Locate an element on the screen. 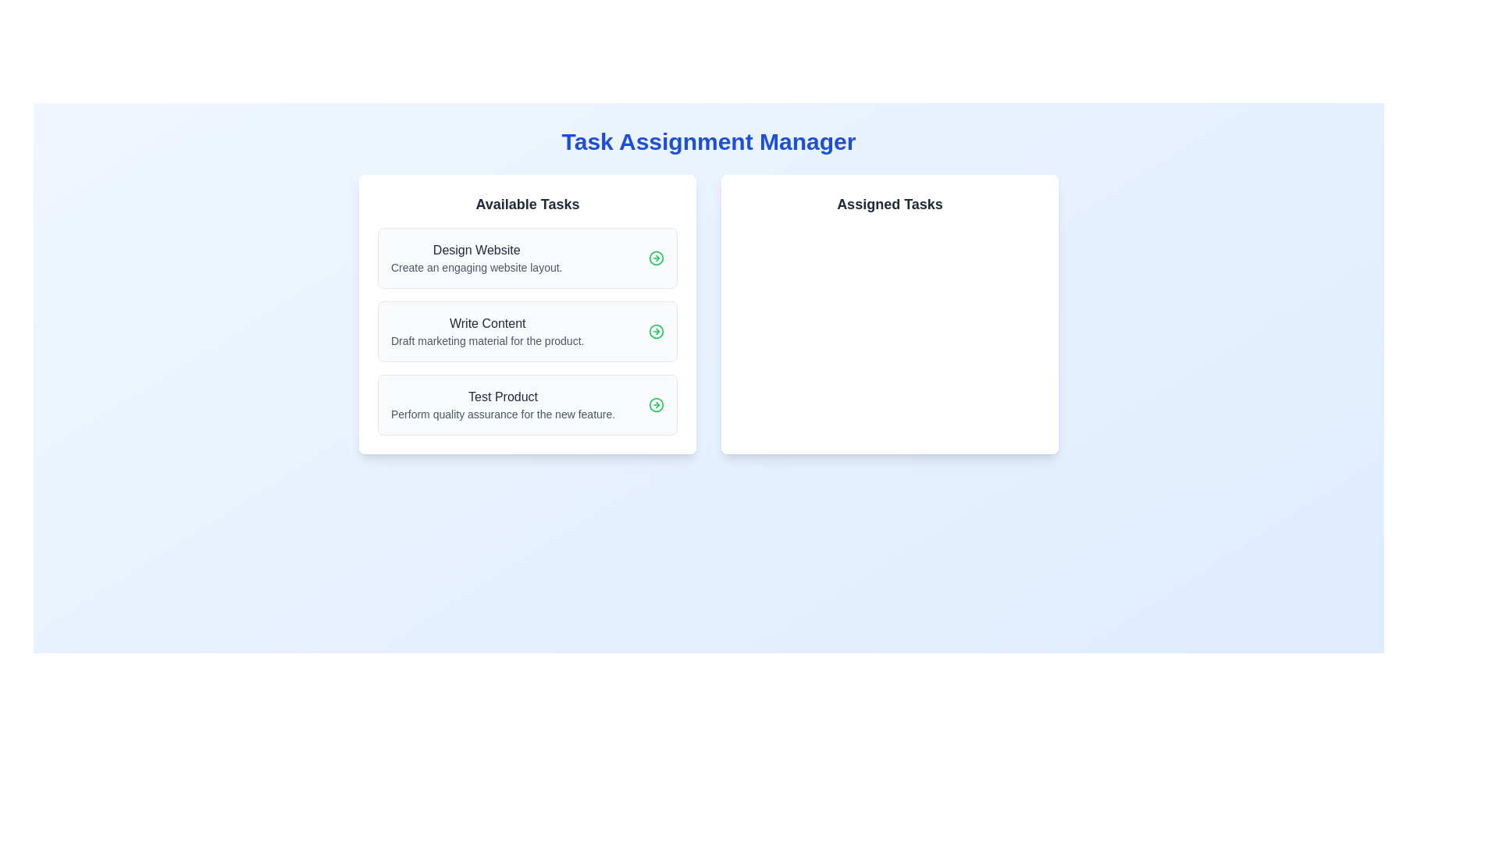  the Text Block representing the task labeled 'Test Product' is located at coordinates (503, 404).